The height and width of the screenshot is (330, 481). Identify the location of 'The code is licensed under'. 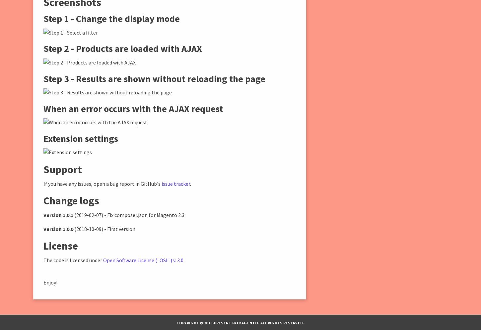
(73, 259).